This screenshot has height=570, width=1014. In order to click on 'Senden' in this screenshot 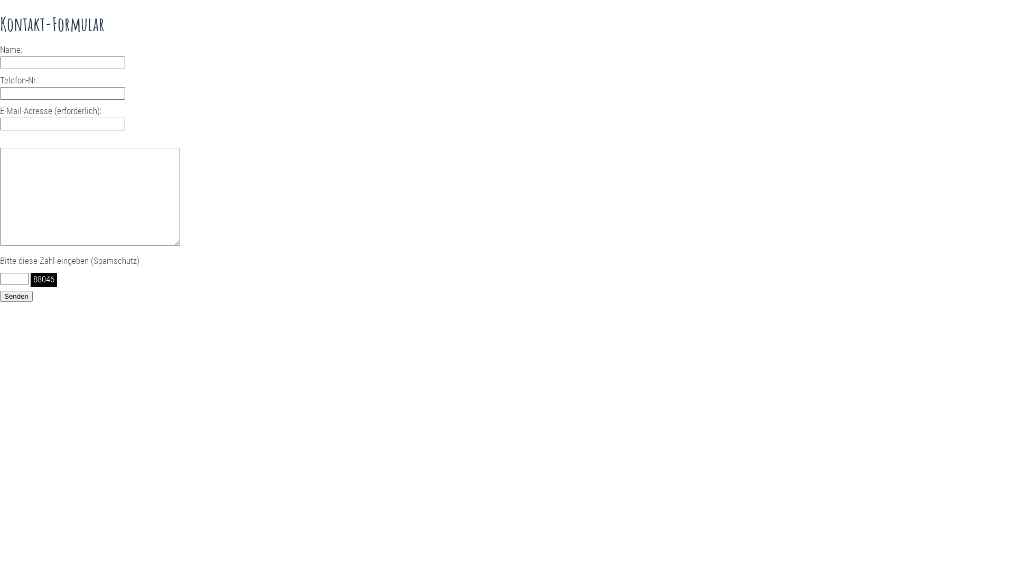, I will do `click(16, 296)`.